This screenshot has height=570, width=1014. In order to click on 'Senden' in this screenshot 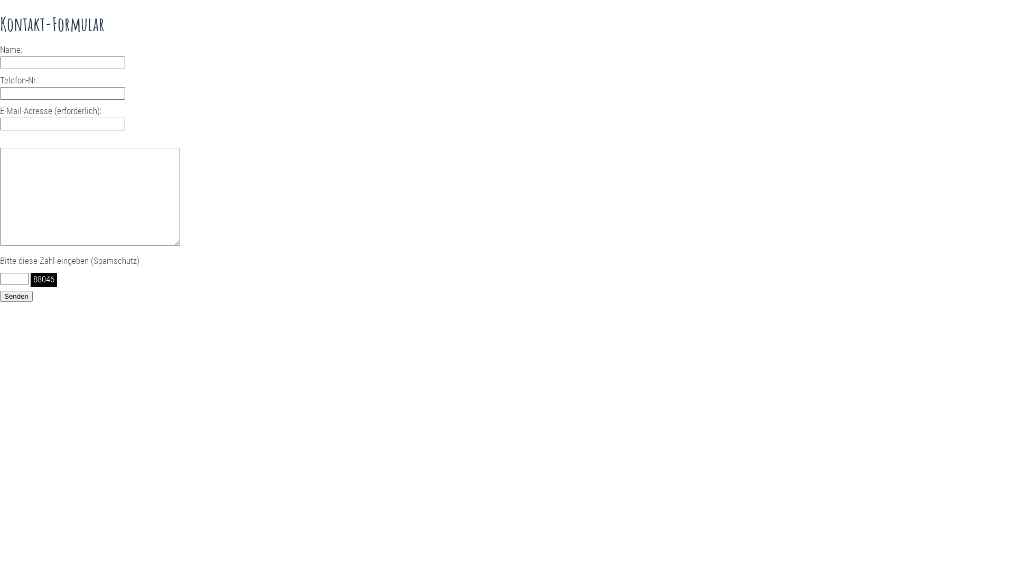, I will do `click(16, 296)`.